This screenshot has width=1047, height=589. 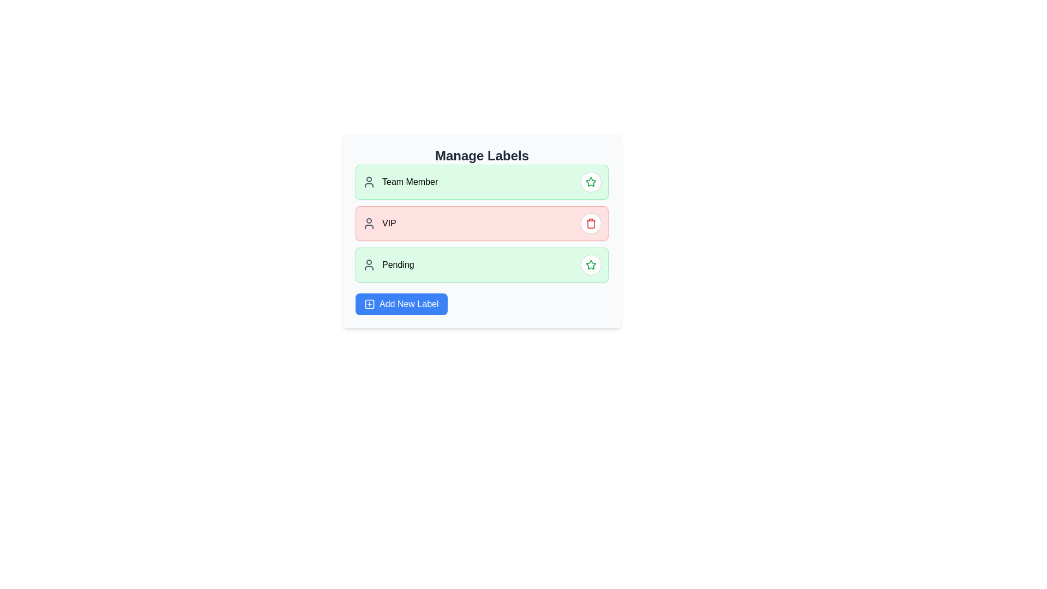 I want to click on the 'Add Label' text within the button located at the bottom section of the interface, so click(x=408, y=304).